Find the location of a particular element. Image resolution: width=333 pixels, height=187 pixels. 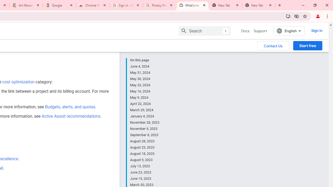

'May 31, 2024' is located at coordinates (145, 73).